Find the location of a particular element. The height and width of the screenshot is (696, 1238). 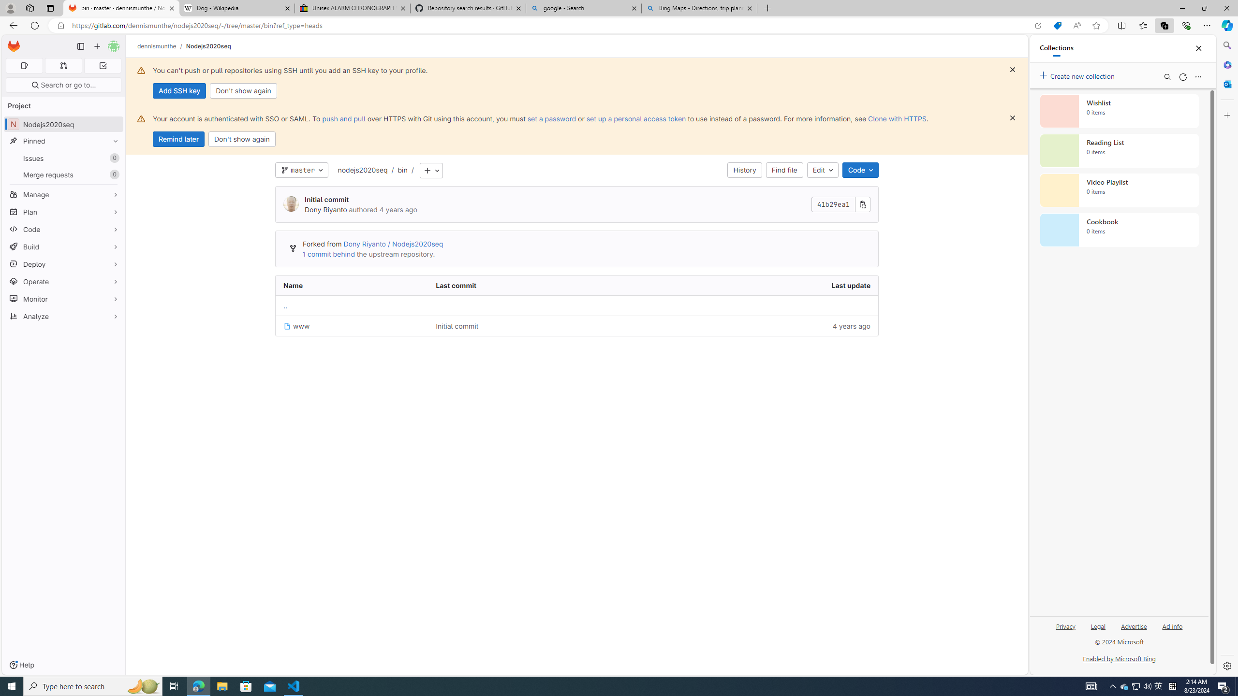

'Plan' is located at coordinates (63, 211).